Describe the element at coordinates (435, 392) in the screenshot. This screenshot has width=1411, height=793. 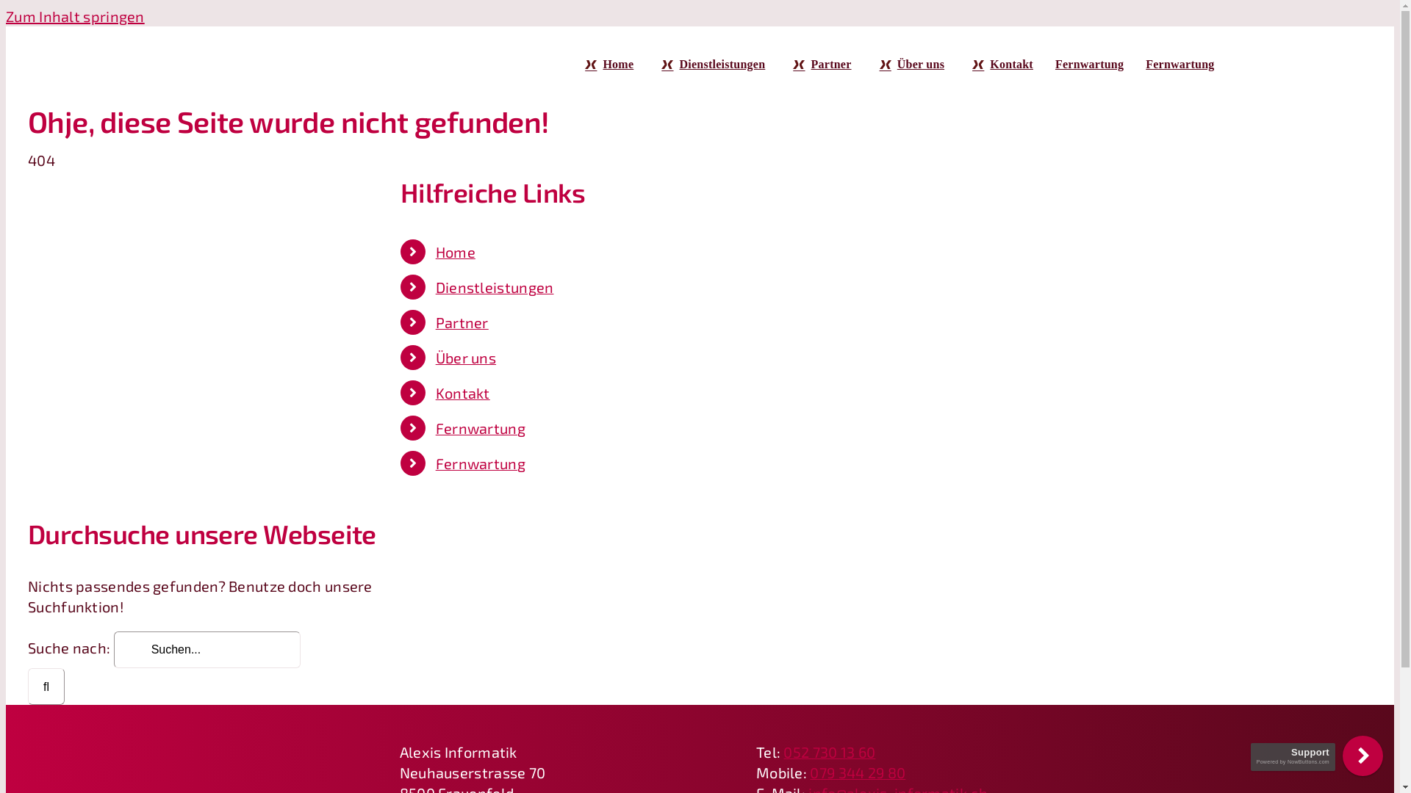
I see `'Kontakt'` at that location.